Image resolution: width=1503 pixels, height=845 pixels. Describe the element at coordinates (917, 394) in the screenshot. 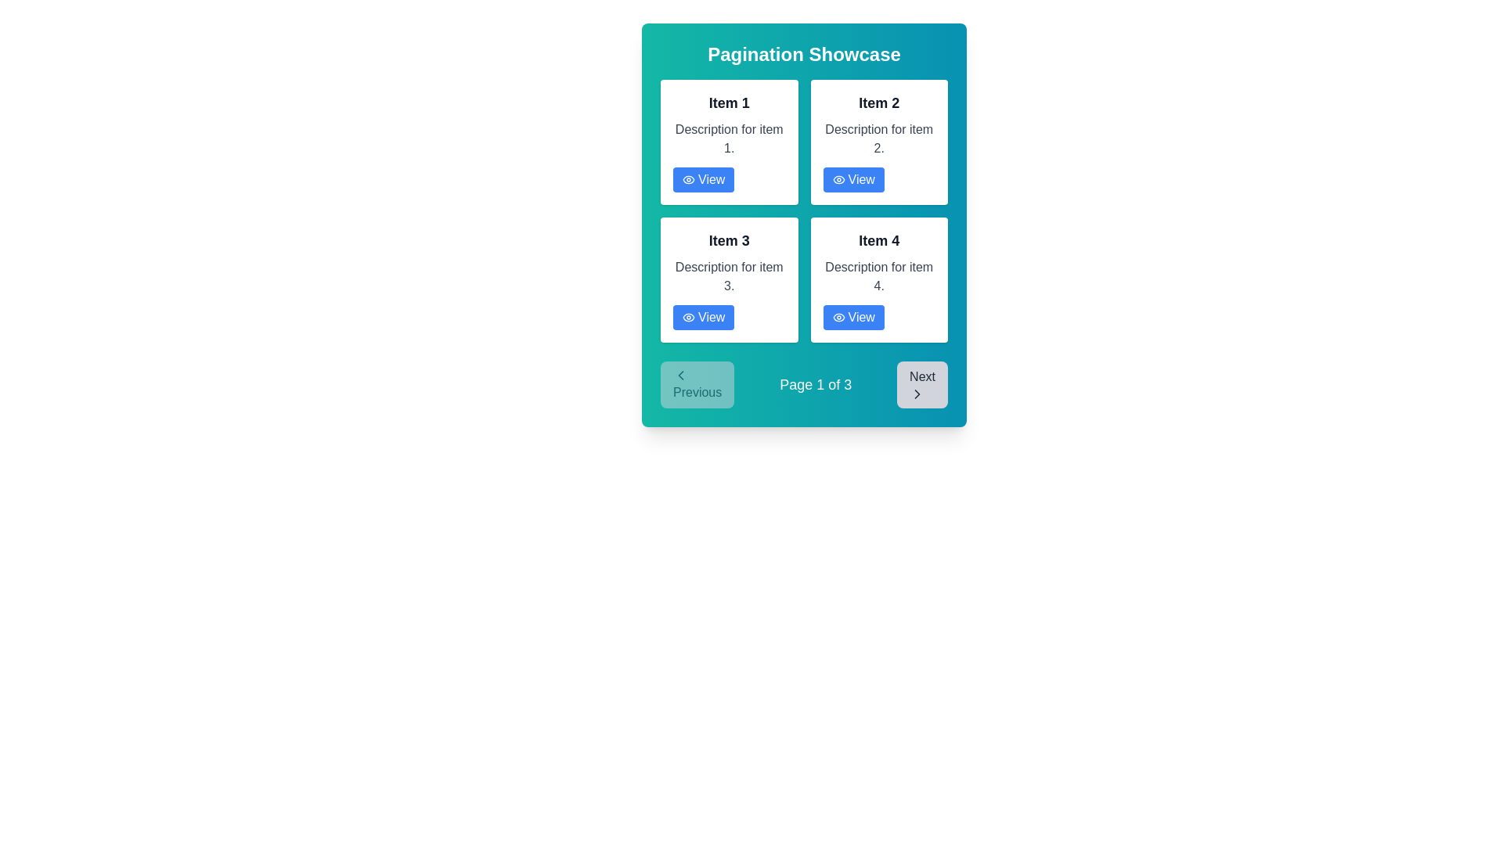

I see `the 'Next' button icon, which symbolizes advancing or moving forward, located at the lower right corner of the pagination section` at that location.